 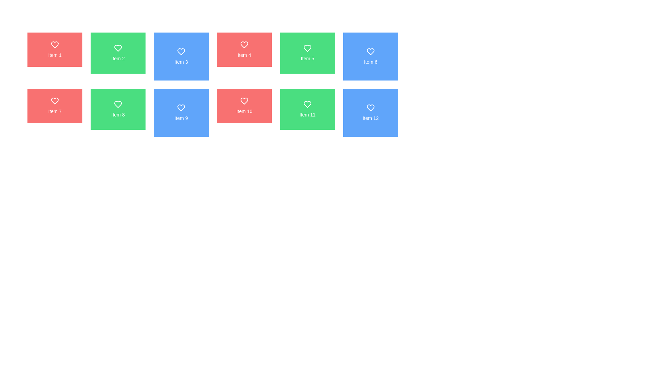 I want to click on the Square tile or card labeled 'Item 7' in the second row, first column of the grid, so click(x=54, y=106).